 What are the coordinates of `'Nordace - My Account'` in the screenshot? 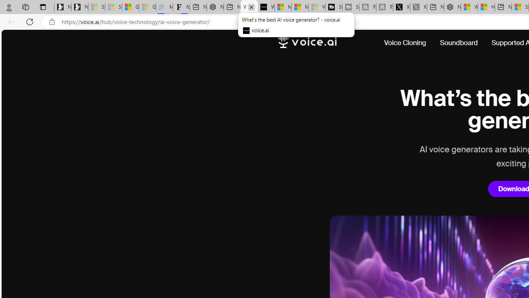 It's located at (452, 7).